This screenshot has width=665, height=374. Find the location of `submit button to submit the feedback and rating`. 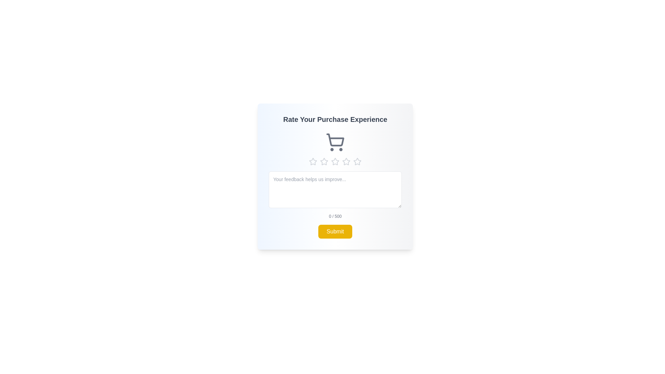

submit button to submit the feedback and rating is located at coordinates (335, 231).